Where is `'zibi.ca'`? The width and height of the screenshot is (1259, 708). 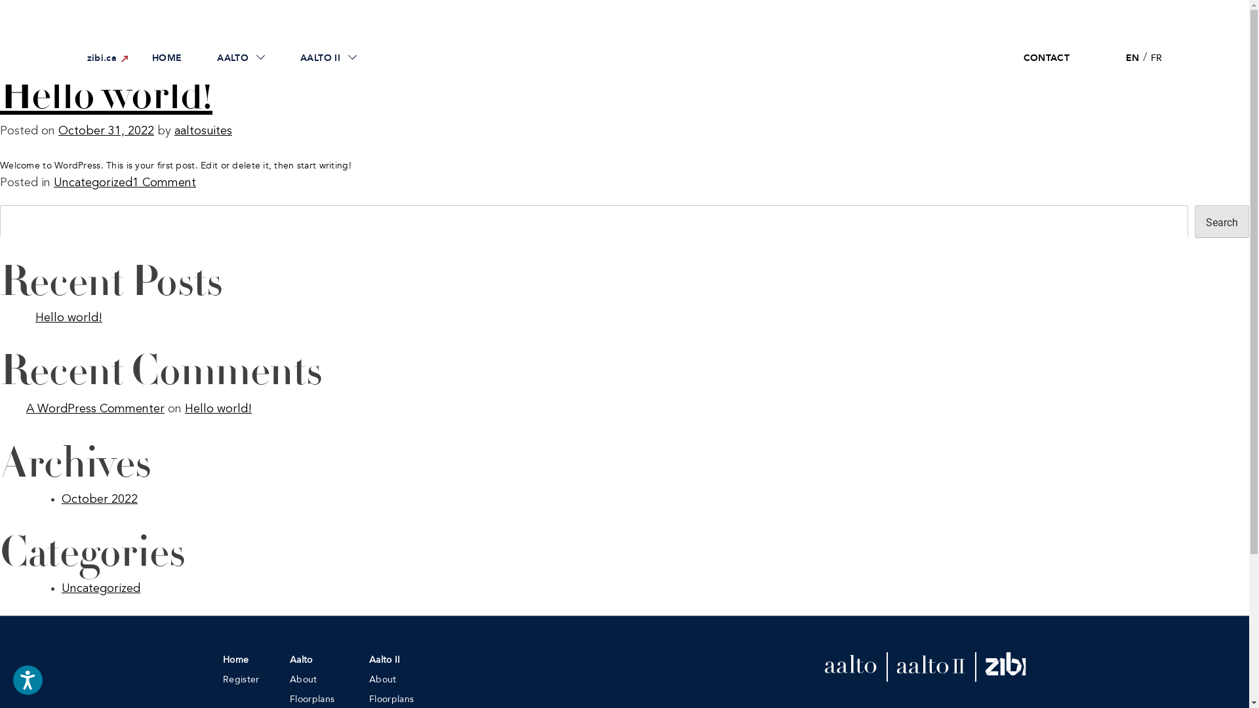 'zibi.ca' is located at coordinates (100, 57).